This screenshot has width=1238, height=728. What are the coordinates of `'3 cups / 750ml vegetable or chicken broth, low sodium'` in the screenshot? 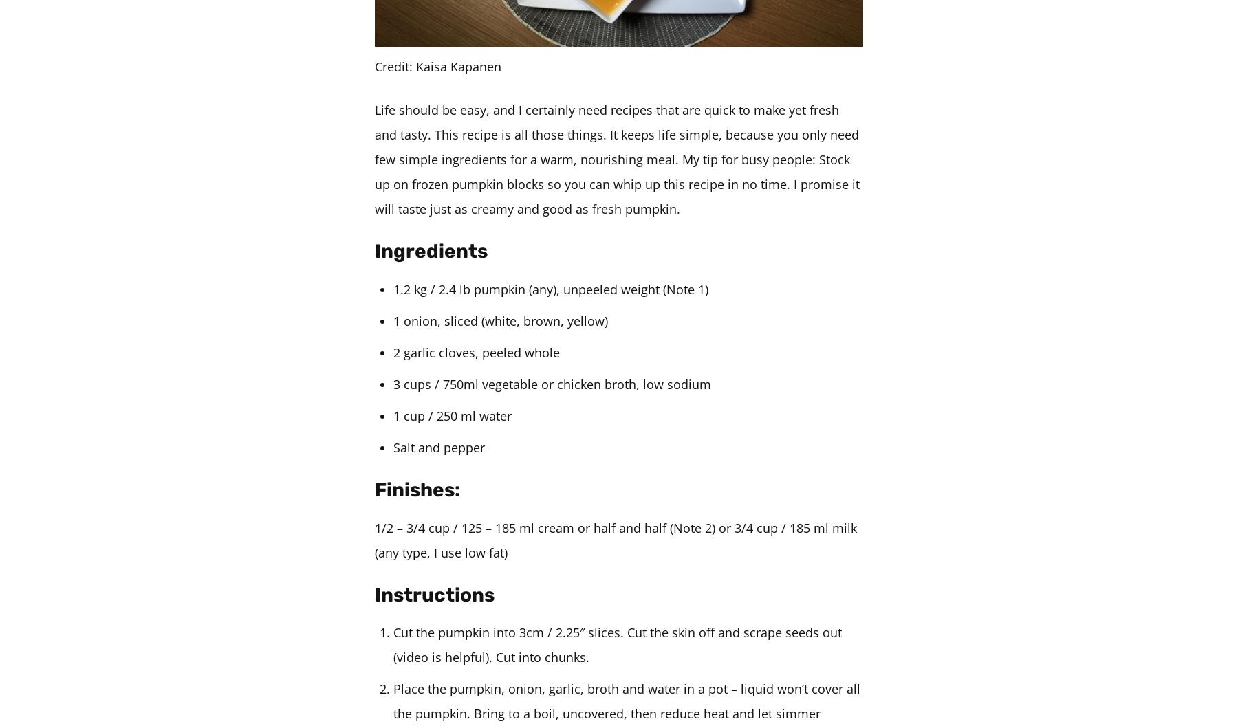 It's located at (552, 382).